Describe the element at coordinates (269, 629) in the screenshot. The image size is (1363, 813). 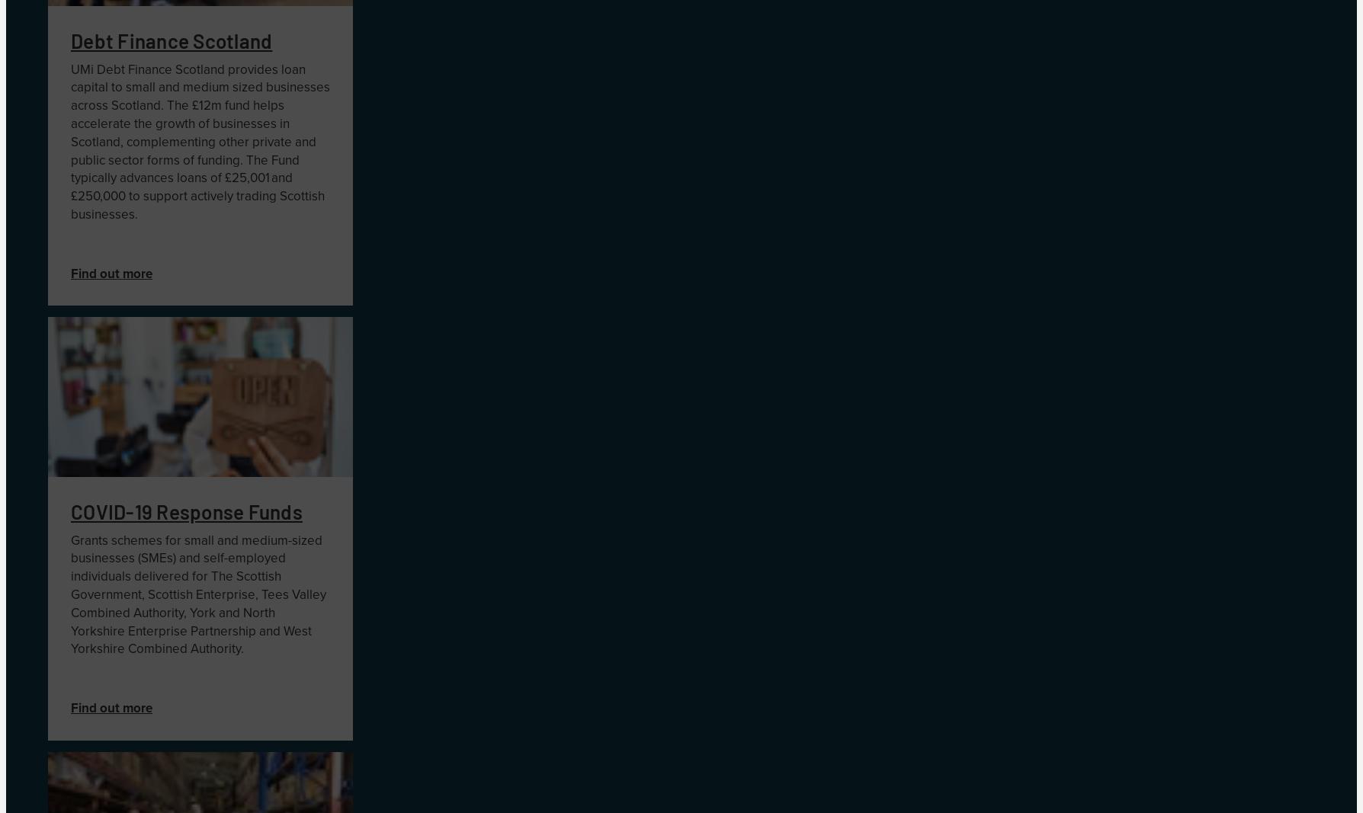
I see `'and'` at that location.